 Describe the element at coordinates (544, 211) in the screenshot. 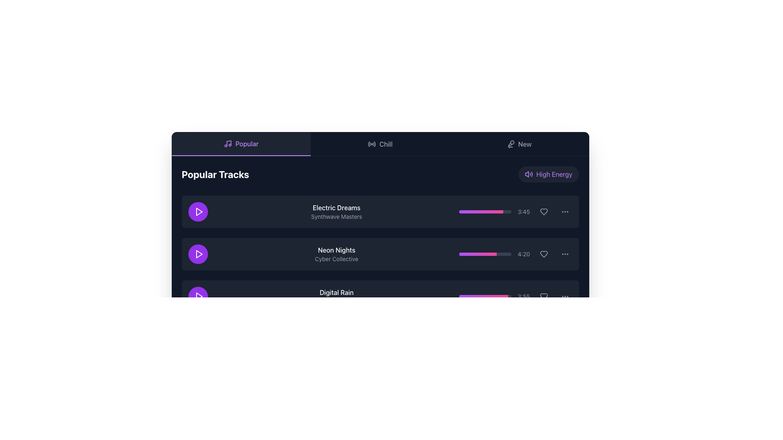

I see `the first interactive heart-shaped icon to mark the associated song as a favorite, positioned immediately to the right of the '3:45' timestamp and to the left of the ellipsis icon` at that location.